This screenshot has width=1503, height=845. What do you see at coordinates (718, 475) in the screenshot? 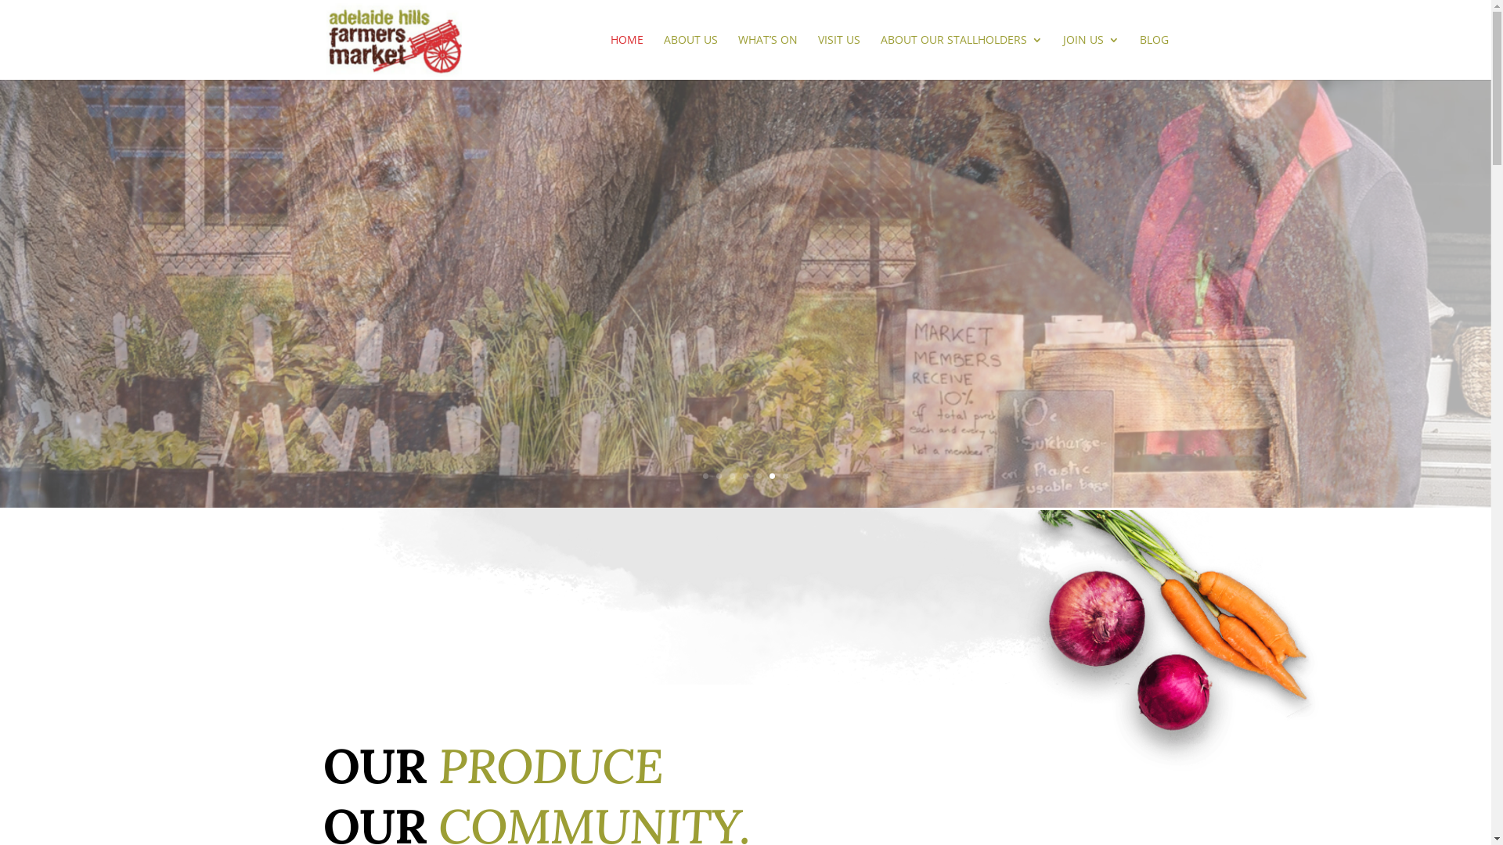
I see `'2'` at bounding box center [718, 475].